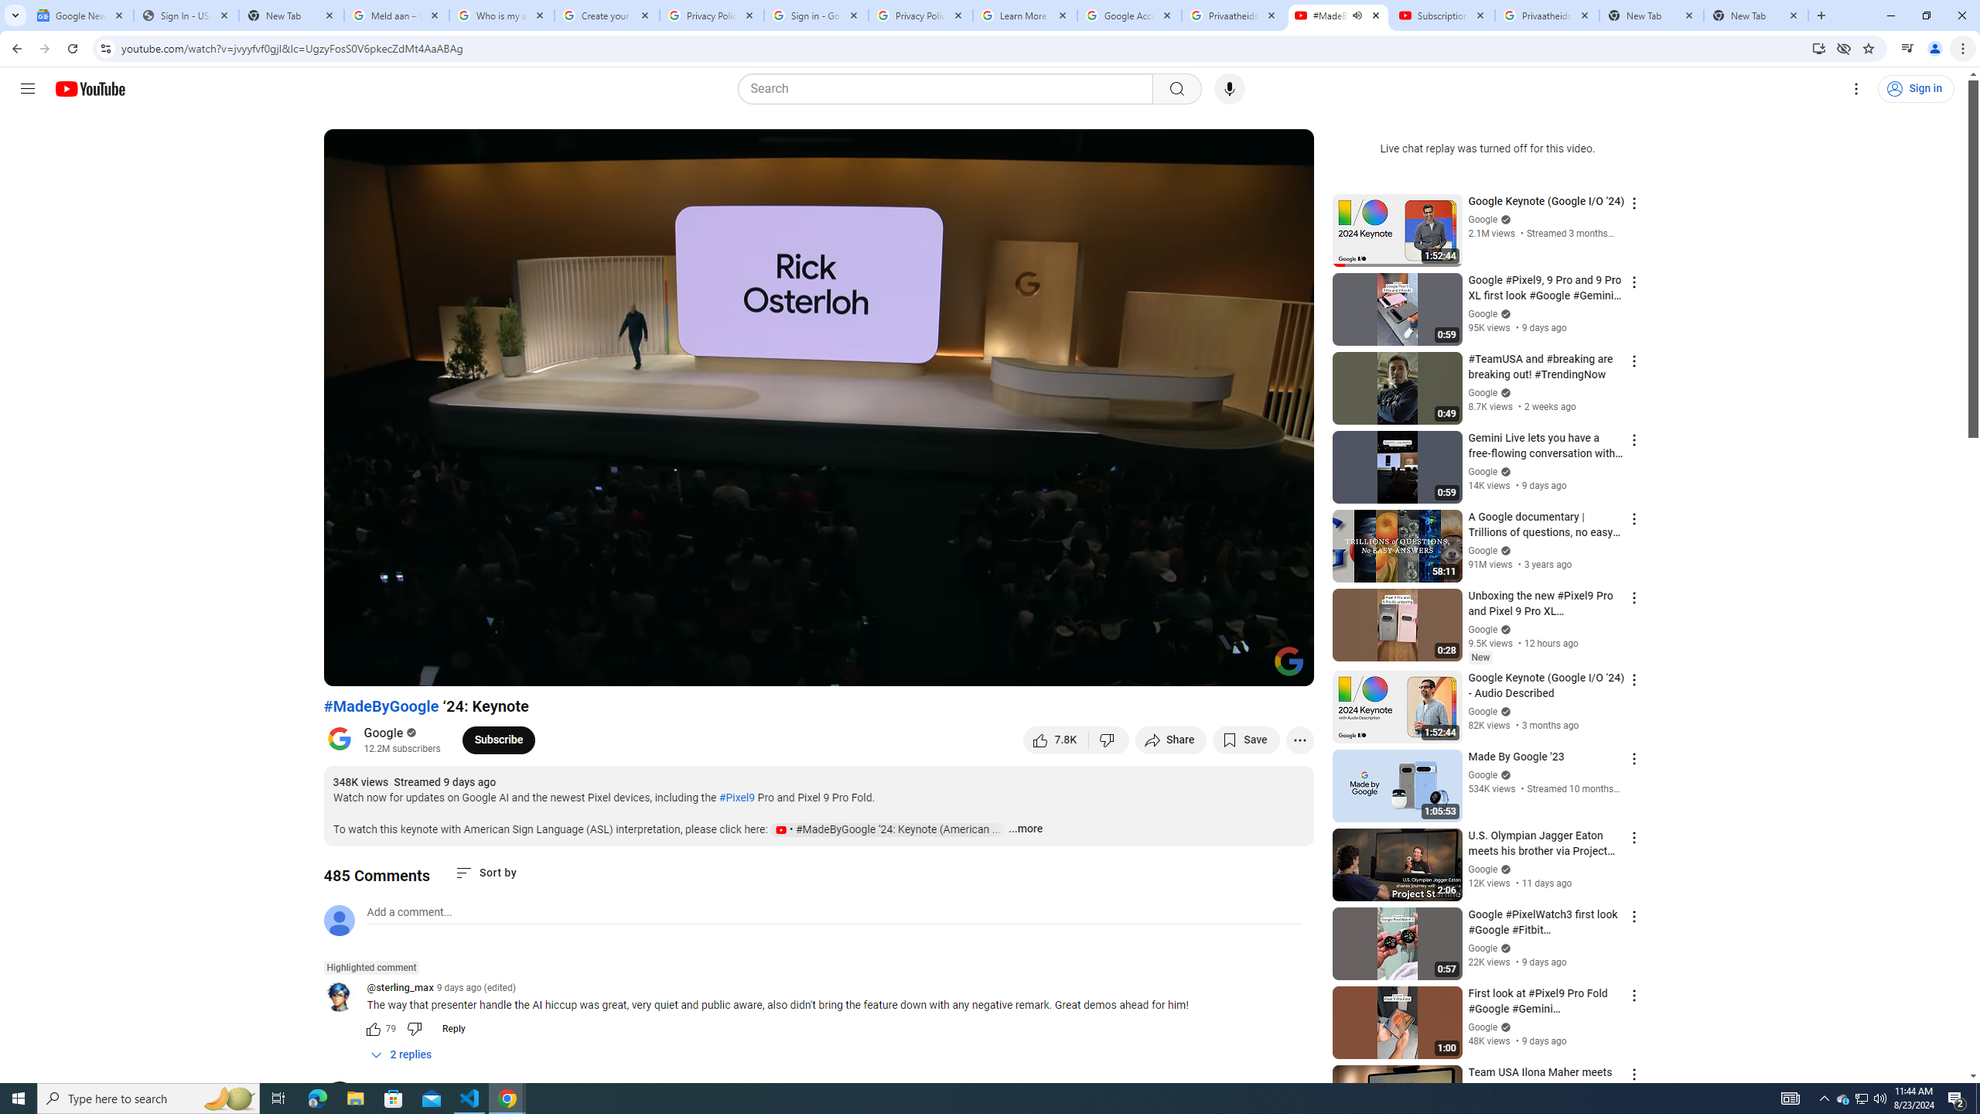 This screenshot has height=1114, width=1980. What do you see at coordinates (1229, 88) in the screenshot?
I see `'Search with your voice'` at bounding box center [1229, 88].